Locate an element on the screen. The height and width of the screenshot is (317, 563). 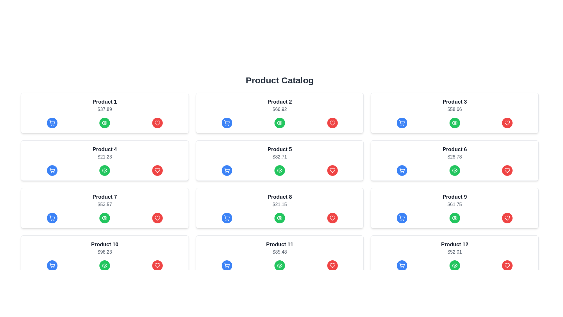
the green eye icon in the ninth product card of the catalog layout, located in the rightmost column of the third row is located at coordinates (454, 171).